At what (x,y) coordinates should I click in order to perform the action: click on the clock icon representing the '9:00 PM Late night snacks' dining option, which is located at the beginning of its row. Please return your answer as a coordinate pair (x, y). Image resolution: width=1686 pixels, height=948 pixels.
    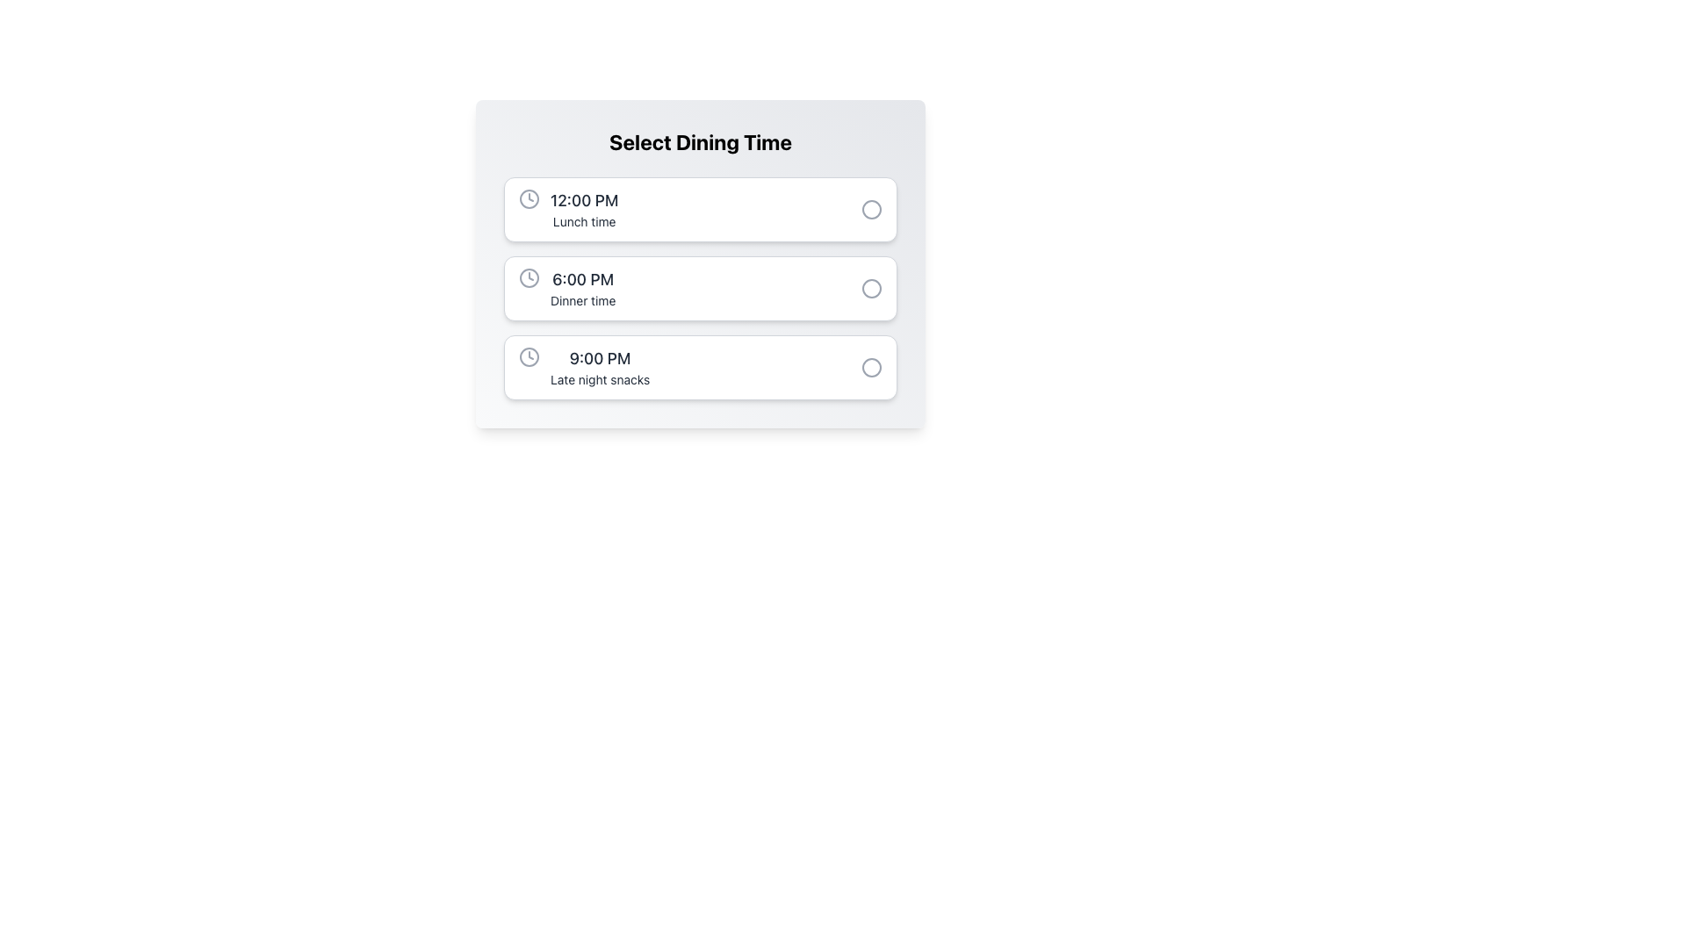
    Looking at the image, I should click on (529, 356).